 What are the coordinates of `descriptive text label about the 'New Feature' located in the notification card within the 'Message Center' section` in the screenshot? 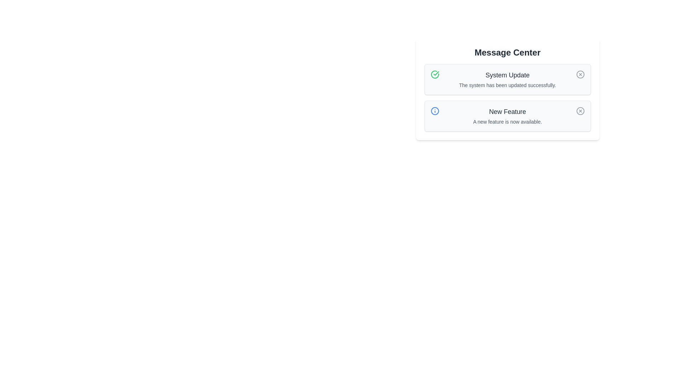 It's located at (507, 121).